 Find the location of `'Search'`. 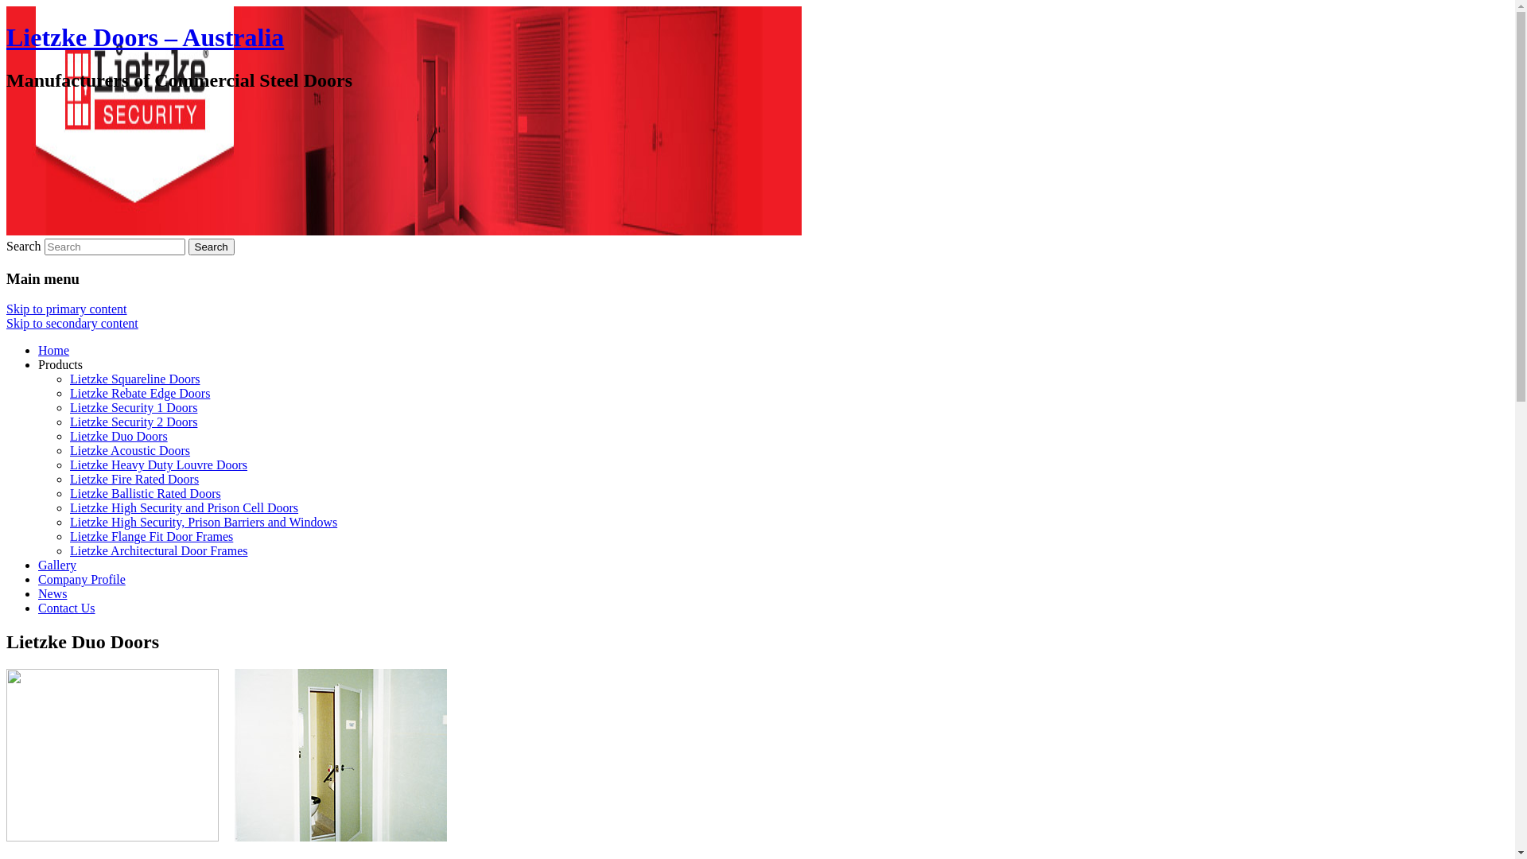

'Search' is located at coordinates (210, 247).